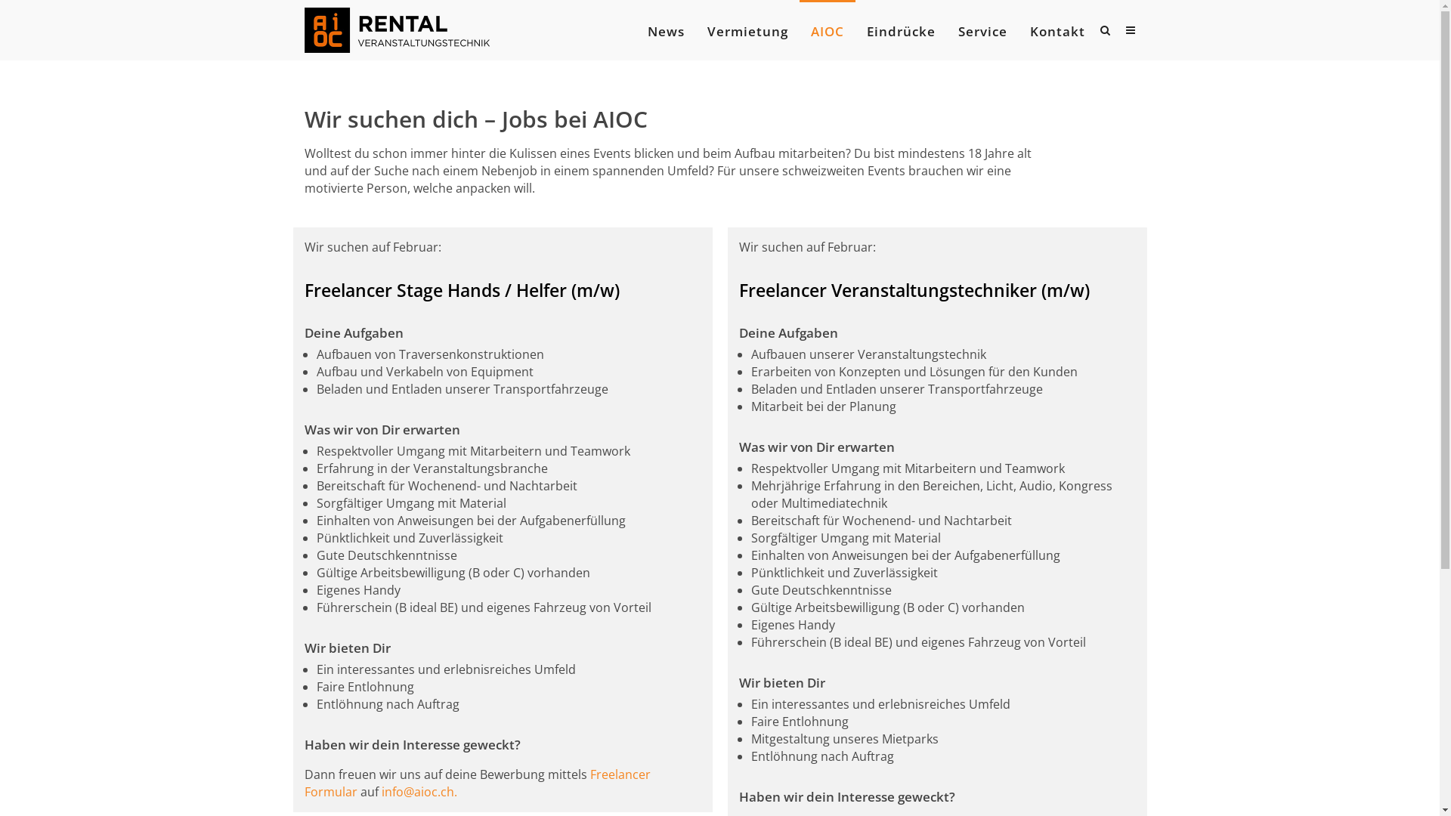 This screenshot has width=1451, height=816. I want to click on 'Freelancer Formular', so click(475, 782).